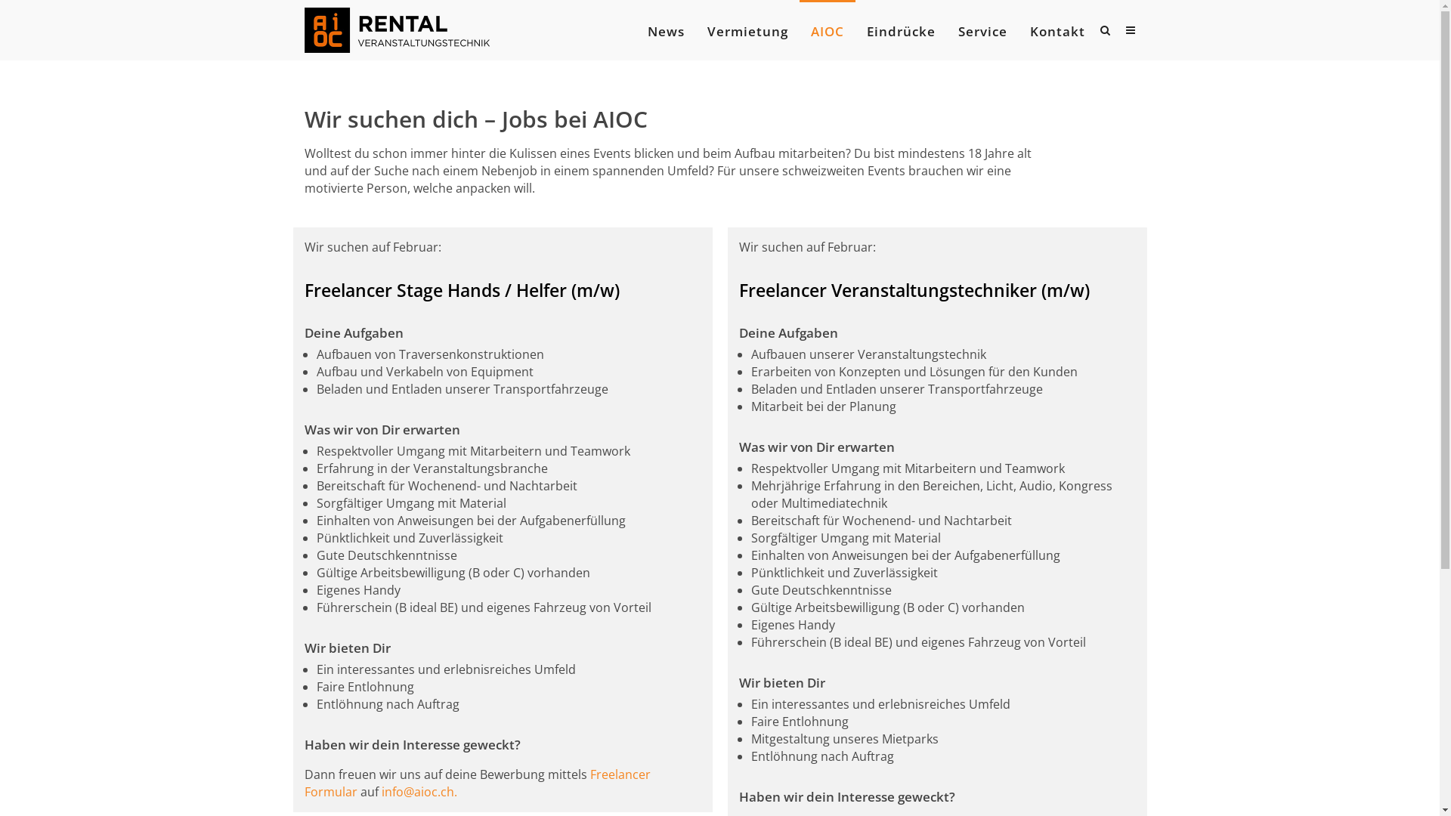 This screenshot has width=1451, height=816. I want to click on 'Freelancer Formular', so click(475, 782).